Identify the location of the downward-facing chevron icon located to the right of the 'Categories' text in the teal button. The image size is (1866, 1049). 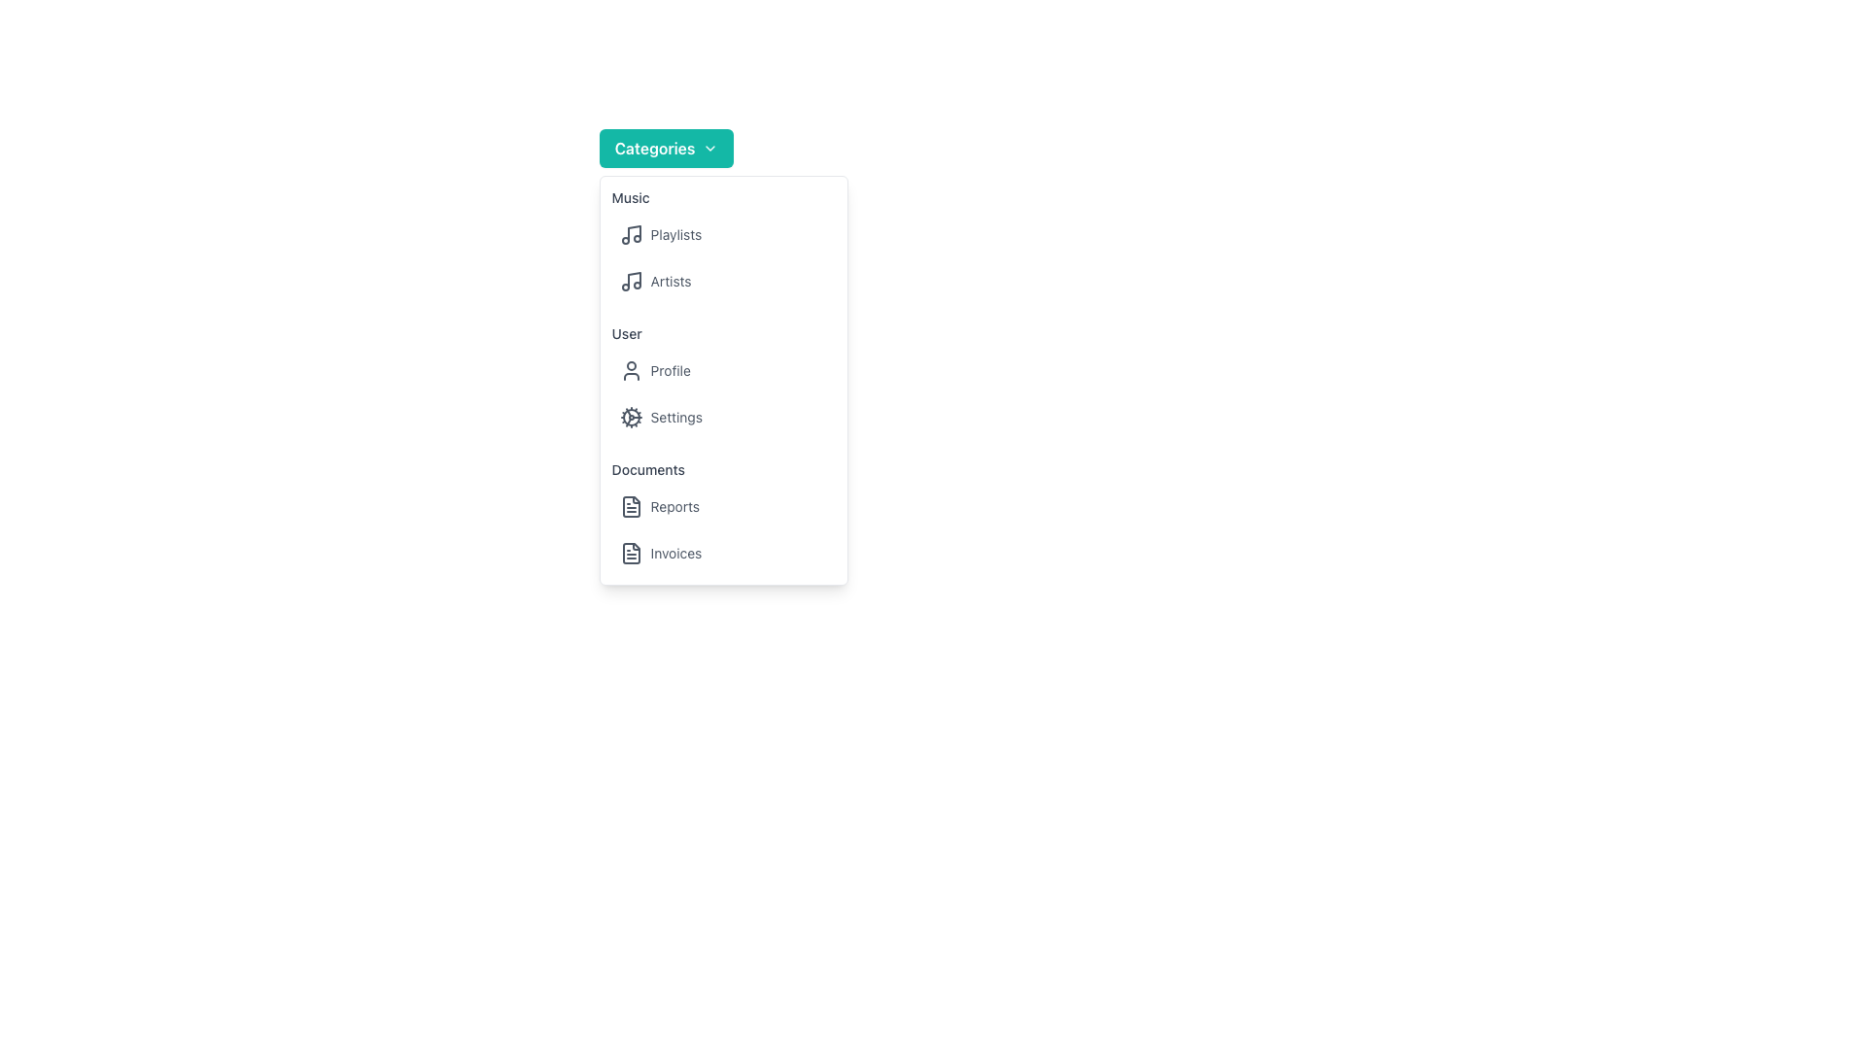
(709, 148).